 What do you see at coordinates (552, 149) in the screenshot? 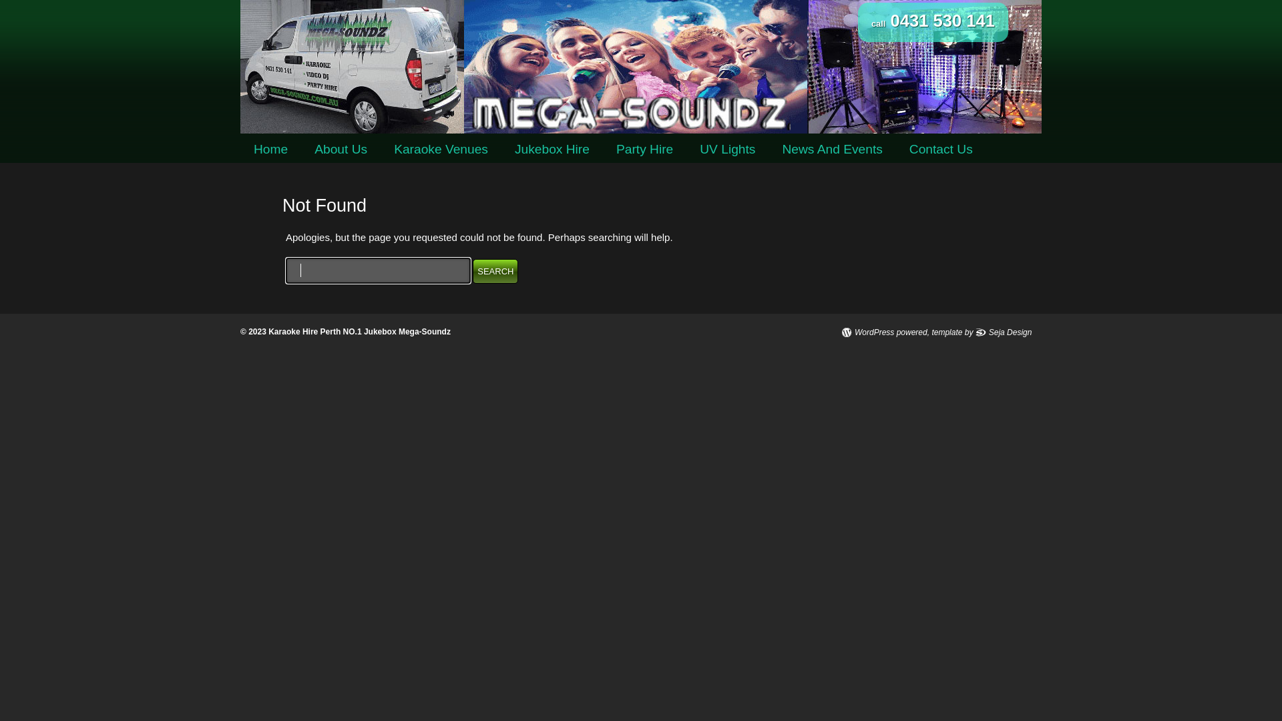
I see `'Jukebox Hire'` at bounding box center [552, 149].